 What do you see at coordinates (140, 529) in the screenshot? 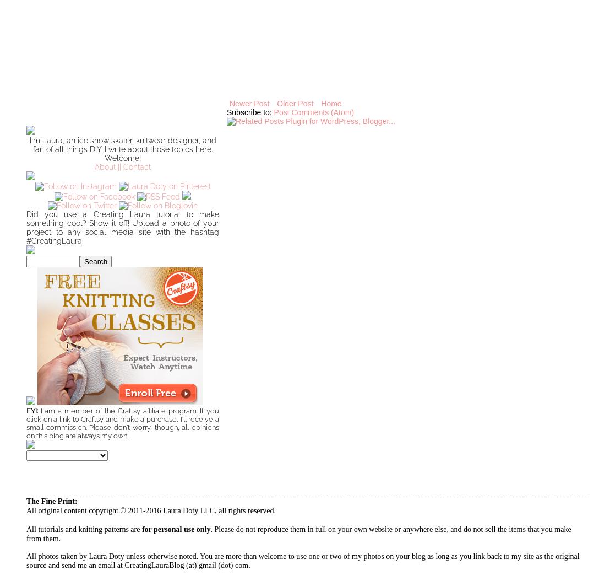
I see `'for personal use only'` at bounding box center [140, 529].